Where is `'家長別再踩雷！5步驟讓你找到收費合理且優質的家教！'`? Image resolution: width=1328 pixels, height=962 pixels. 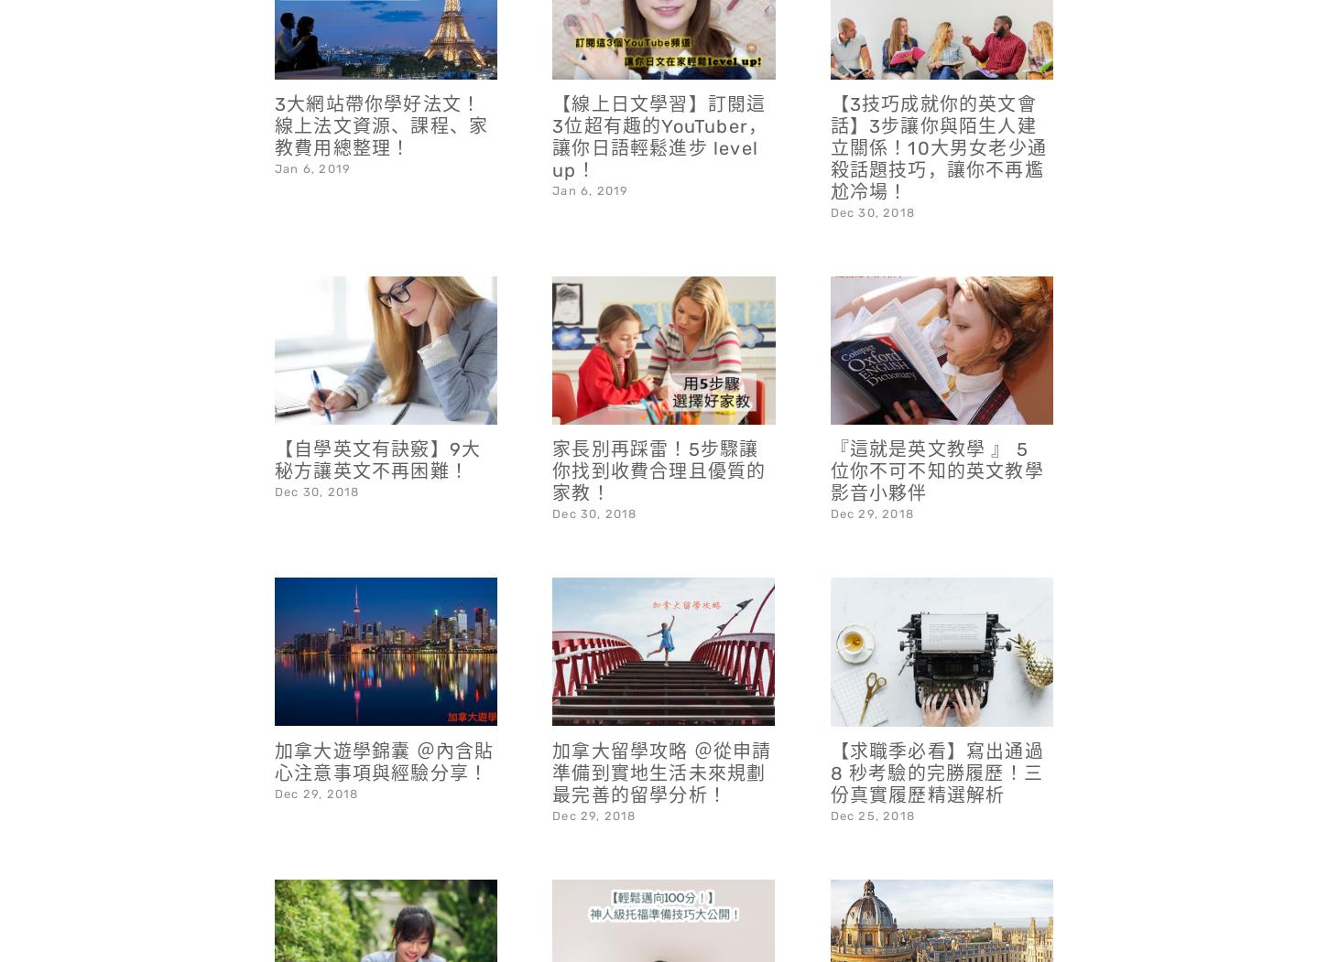 '家長別再踩雷！5步驟讓你找到收費合理且優質的家教！' is located at coordinates (658, 422).